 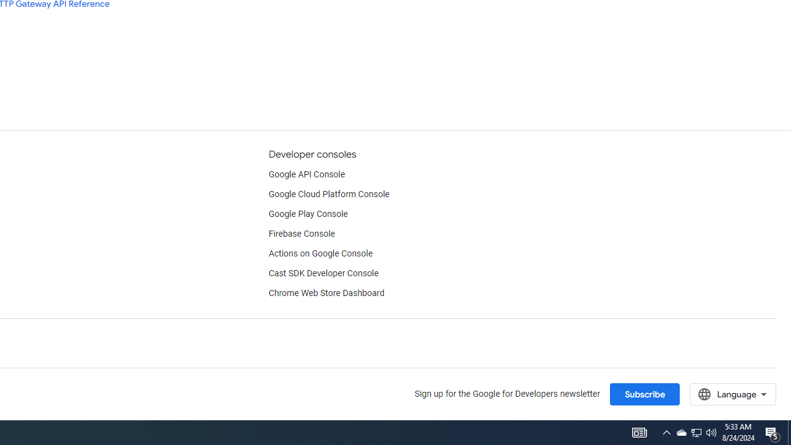 I want to click on 'Google Play Console', so click(x=308, y=214).